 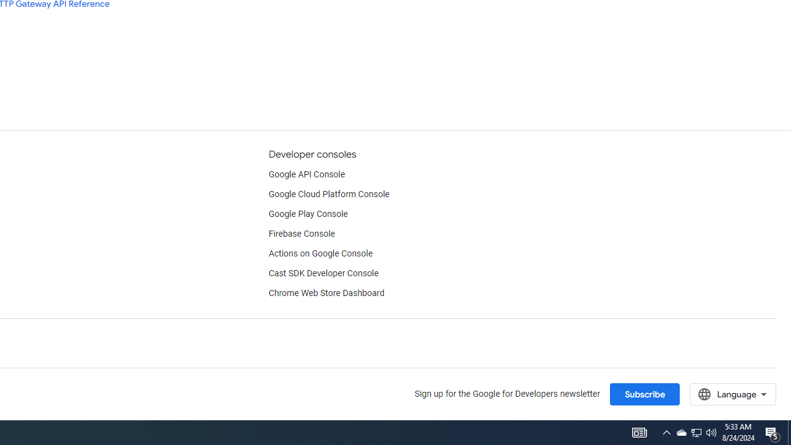 I want to click on 'Google Play Console', so click(x=308, y=214).